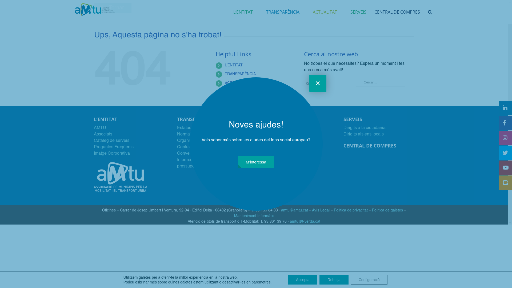 This screenshot has height=288, width=512. What do you see at coordinates (235, 83) in the screenshot?
I see `'ACTUALITAT'` at bounding box center [235, 83].